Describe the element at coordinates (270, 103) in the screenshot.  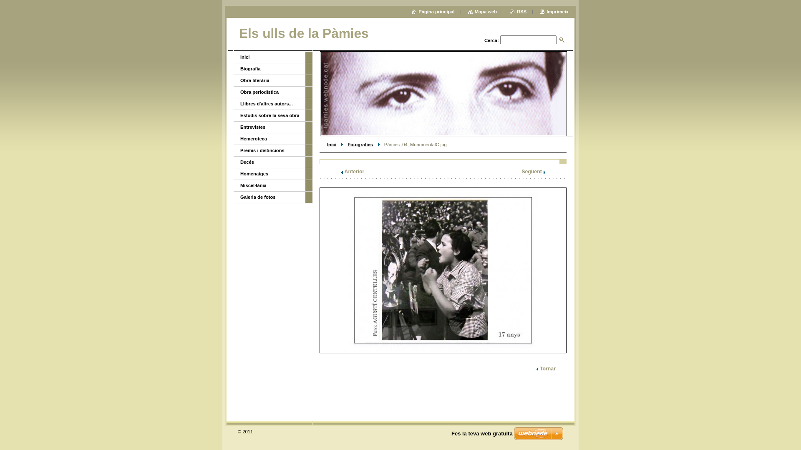
I see `'Llibres d'altres autors...'` at that location.